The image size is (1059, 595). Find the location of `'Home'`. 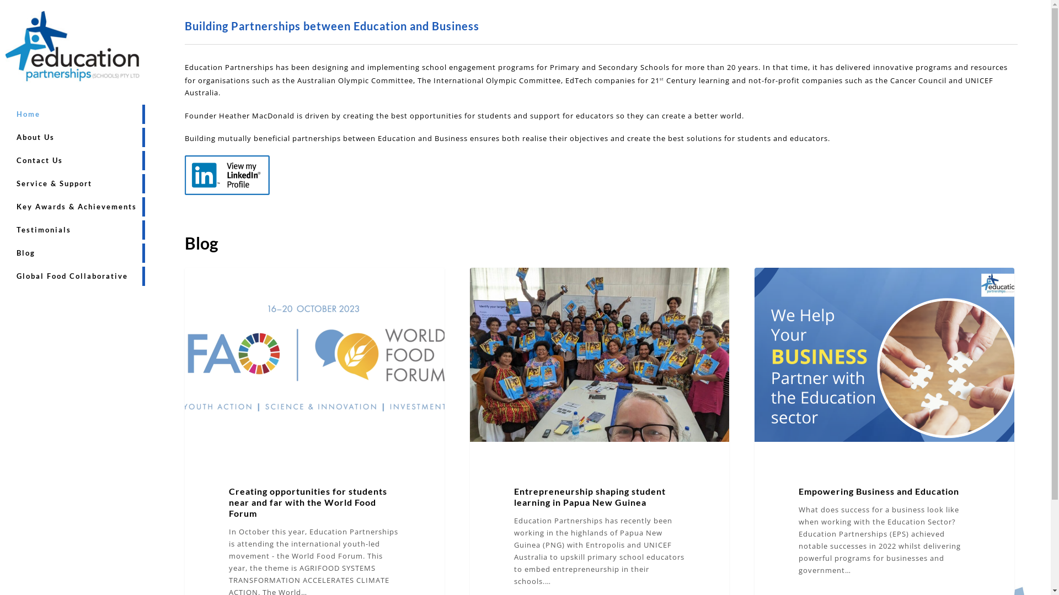

'Home' is located at coordinates (28, 114).